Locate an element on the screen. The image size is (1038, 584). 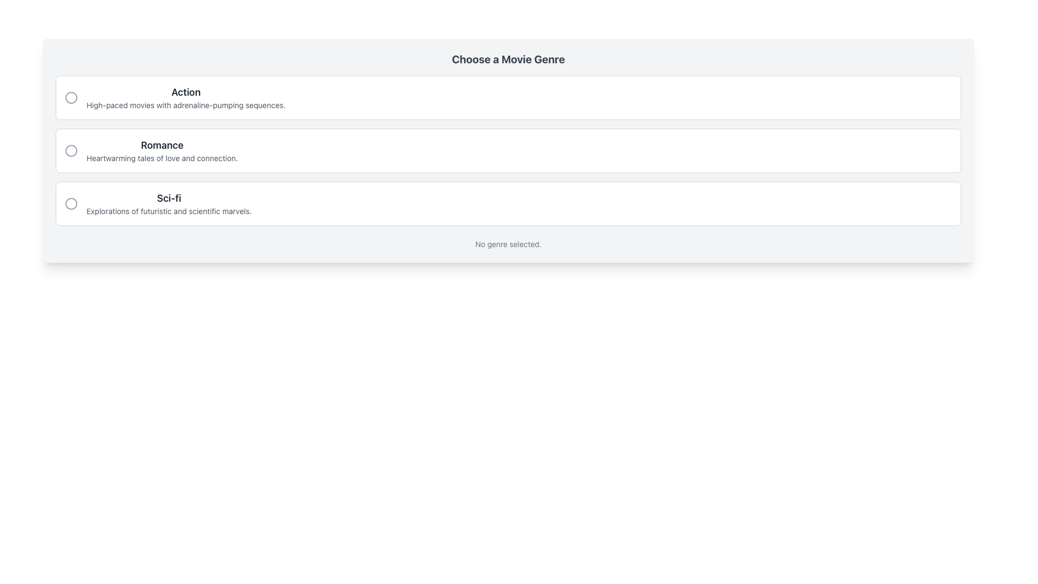
the text element displaying 'Explorations of futuristic and scientific marvels.' located below the 'Sci-fi' text in a card-like presentation is located at coordinates (168, 211).